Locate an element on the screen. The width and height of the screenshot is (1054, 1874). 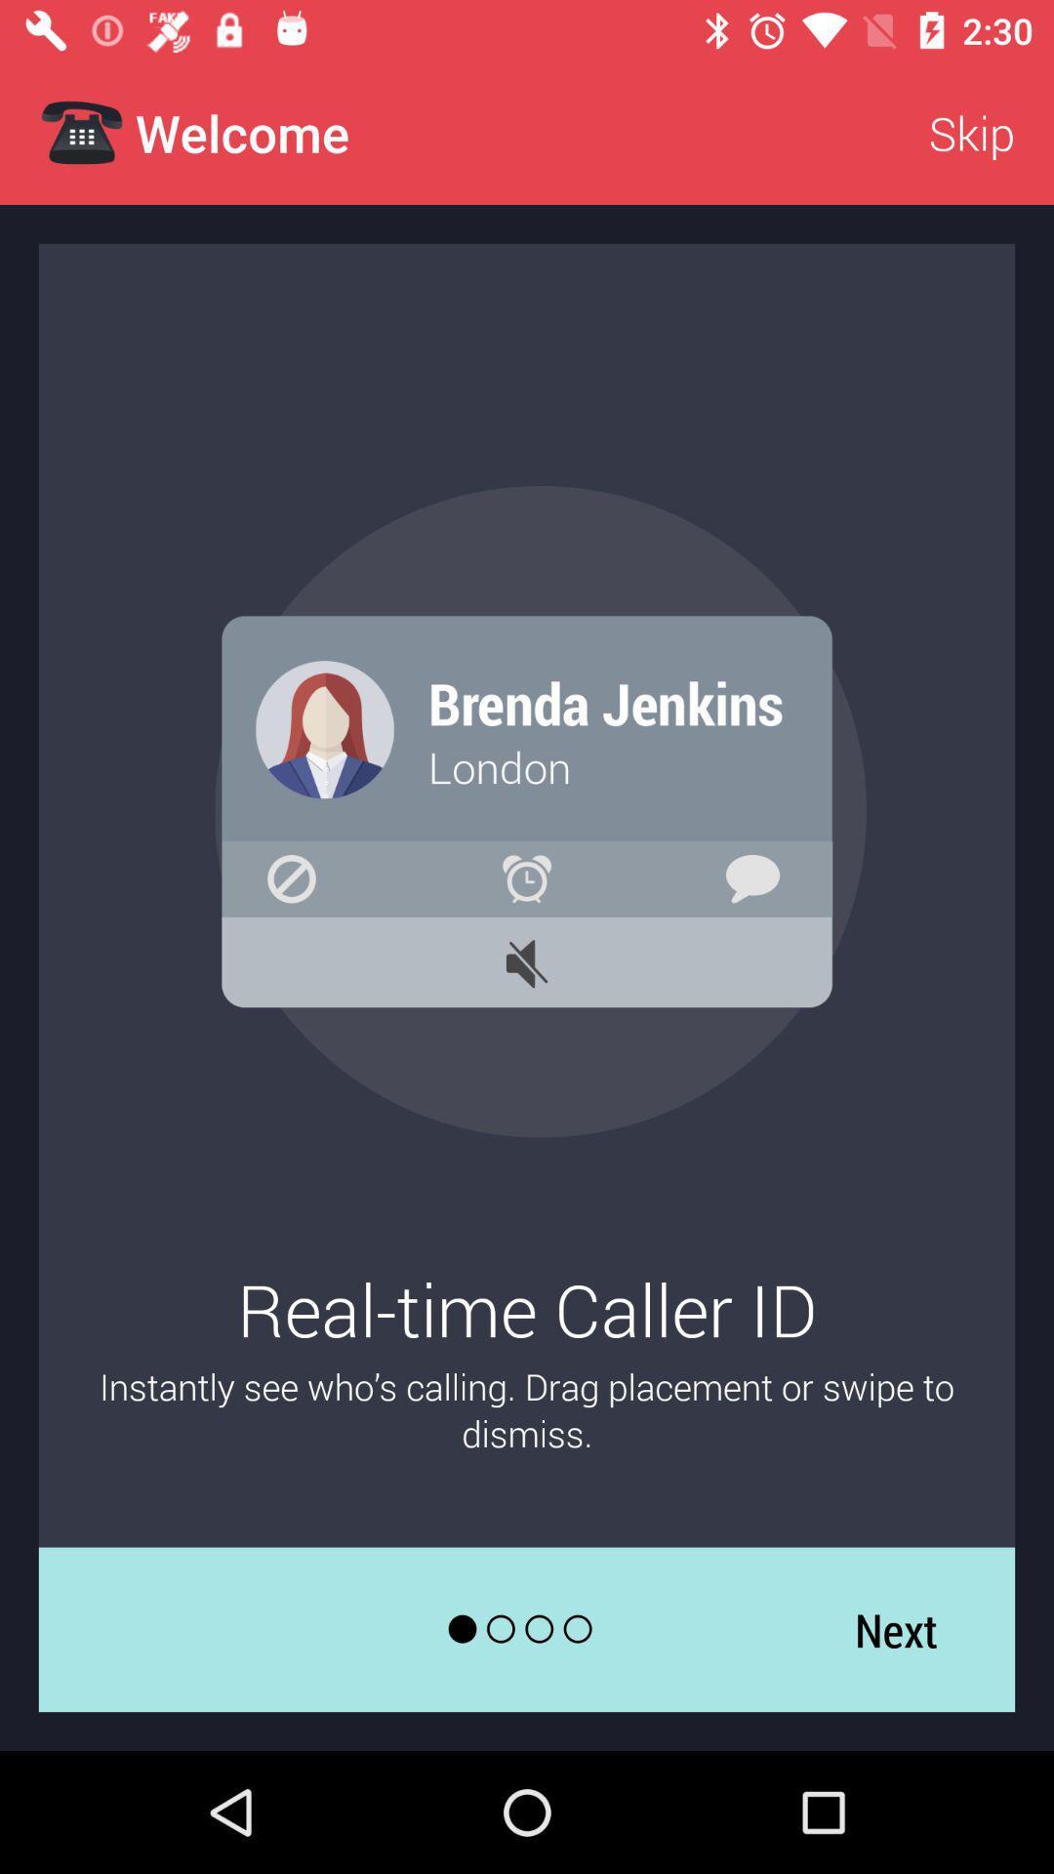
the icon at the top right corner is located at coordinates (971, 132).